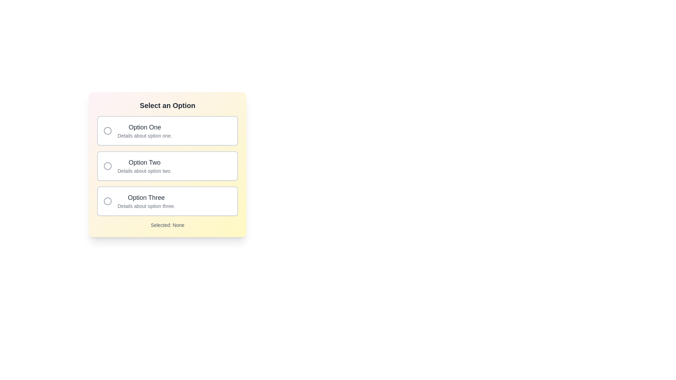 Image resolution: width=676 pixels, height=380 pixels. I want to click on the text label displaying 'Option Three', which is a bold, medium-sized dark gray text label located below 'Option Two', so click(146, 198).